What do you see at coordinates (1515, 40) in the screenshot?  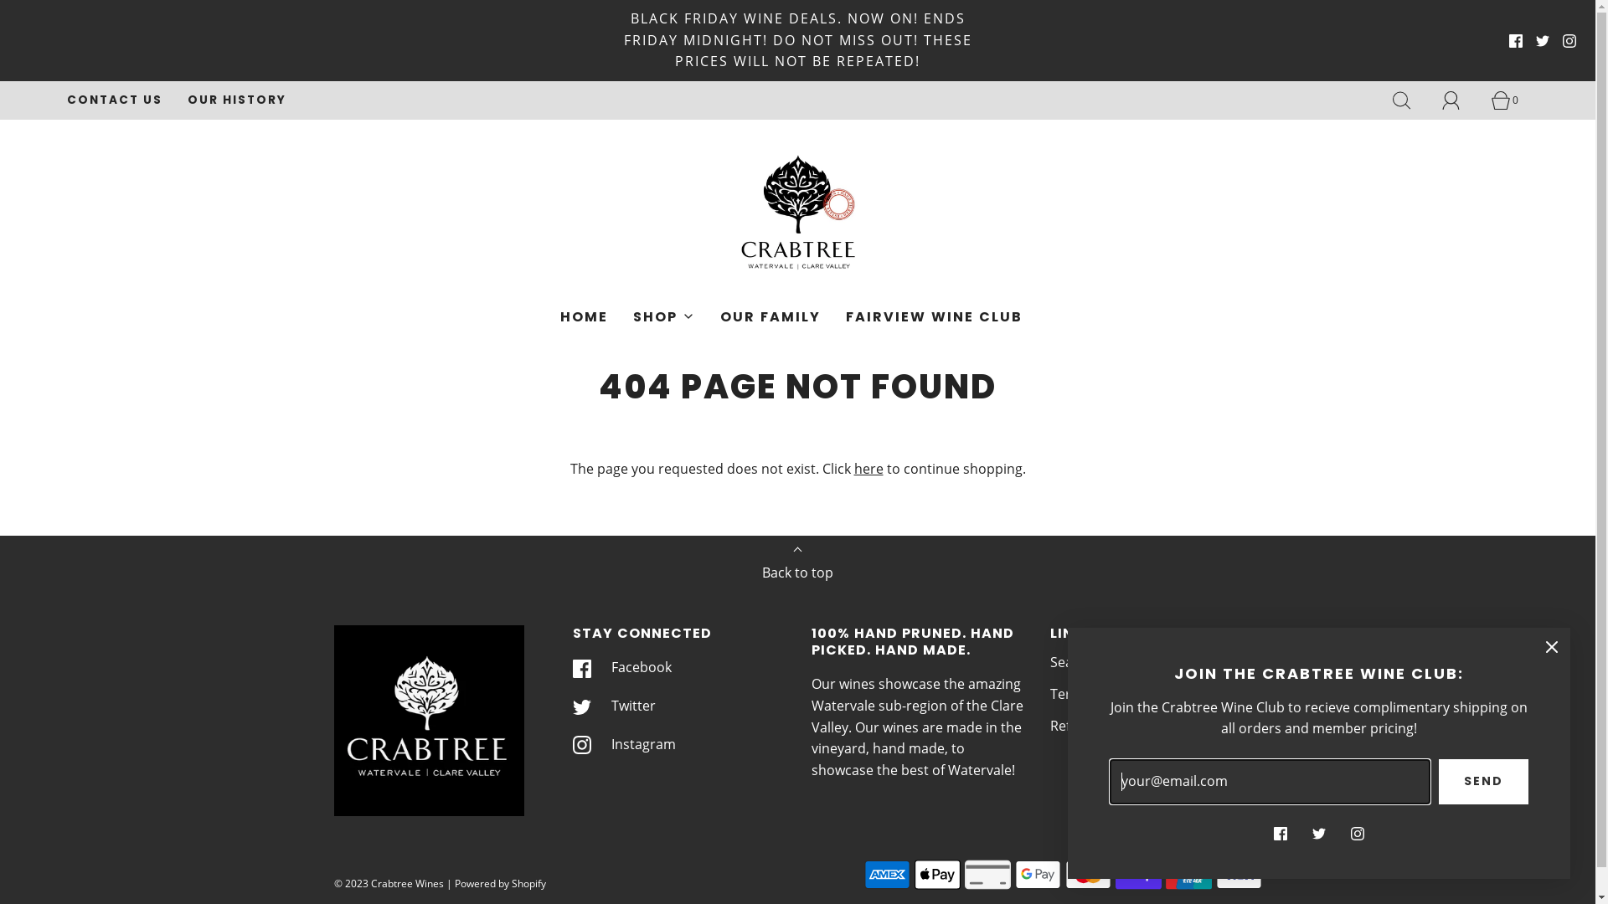 I see `'FACEBOOK ICON'` at bounding box center [1515, 40].